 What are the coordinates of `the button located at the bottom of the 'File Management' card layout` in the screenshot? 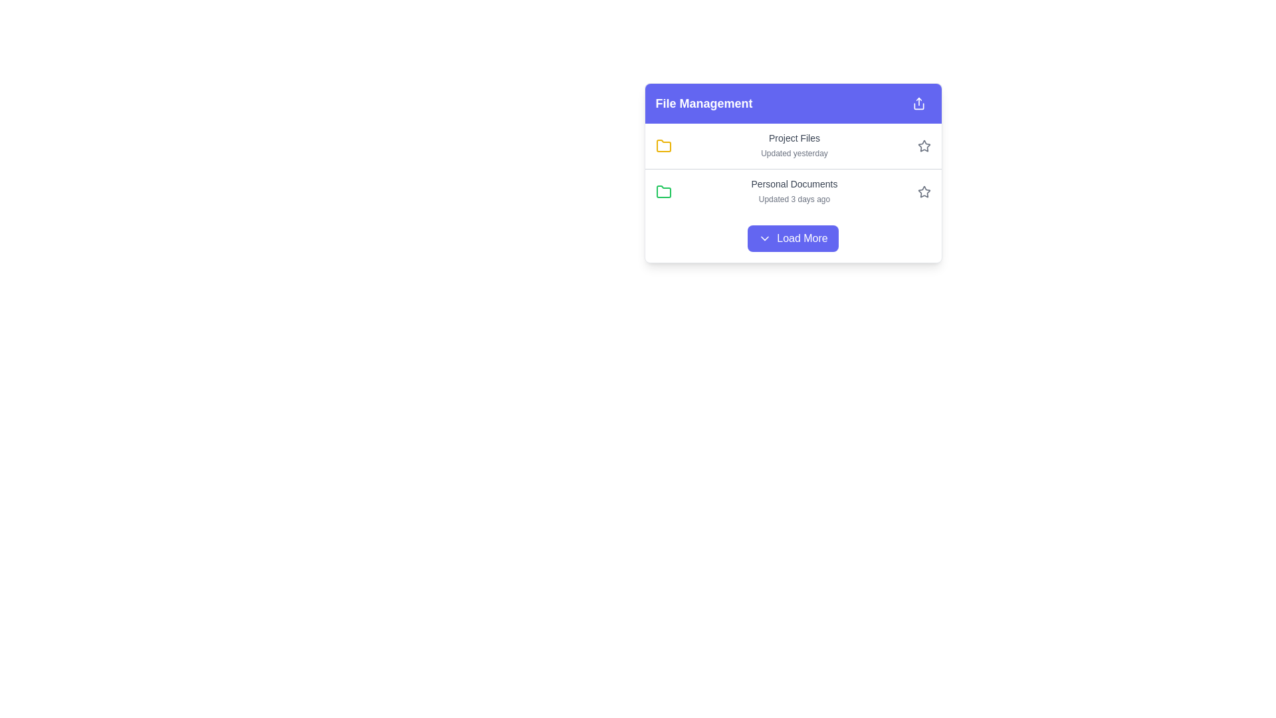 It's located at (793, 237).